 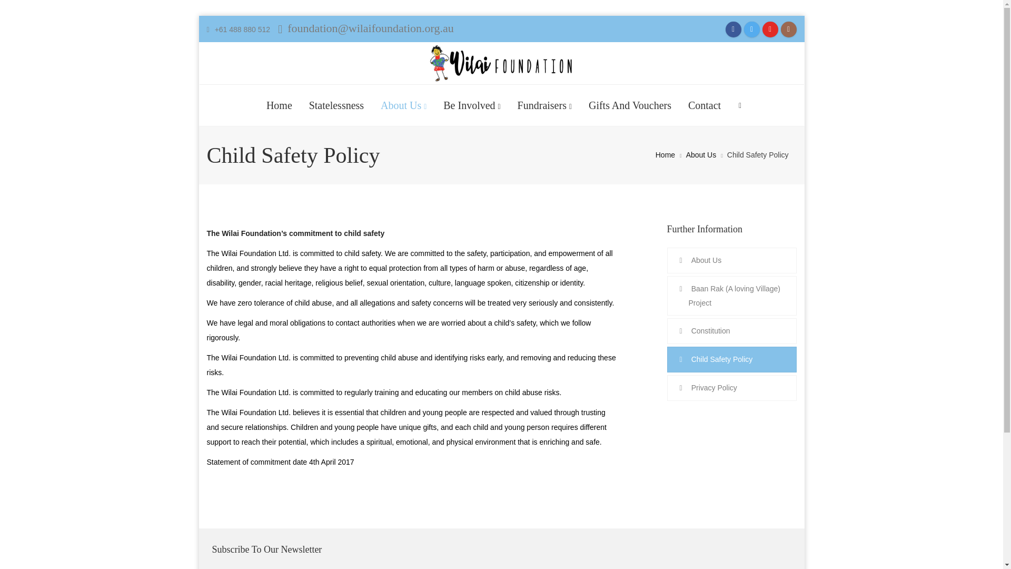 What do you see at coordinates (436, 105) in the screenshot?
I see `'Be Involved'` at bounding box center [436, 105].